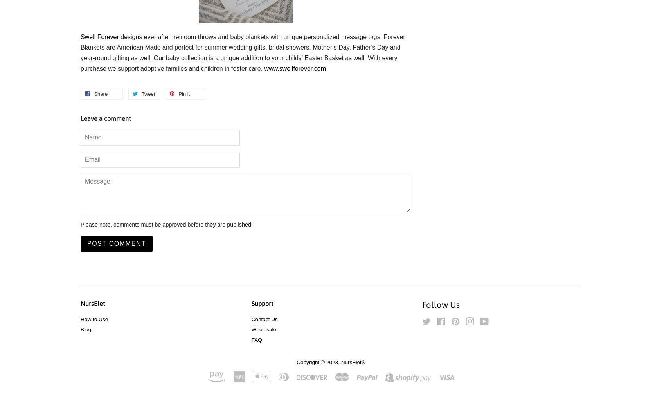 This screenshot has height=393, width=662. Describe the element at coordinates (242, 52) in the screenshot. I see `'designs ever after heirloom throws and baby blankets with unique personalized message tags. Forever Blankets are American Made and perfect for summer wedding gifts, bridal showers, Mother’s Day, Father’s Day and year-round gifting as well. Our baby collection is a unique addition to your childs’ Easter Basket as well. With every purchase we support adoptive families and children in foster care.'` at that location.